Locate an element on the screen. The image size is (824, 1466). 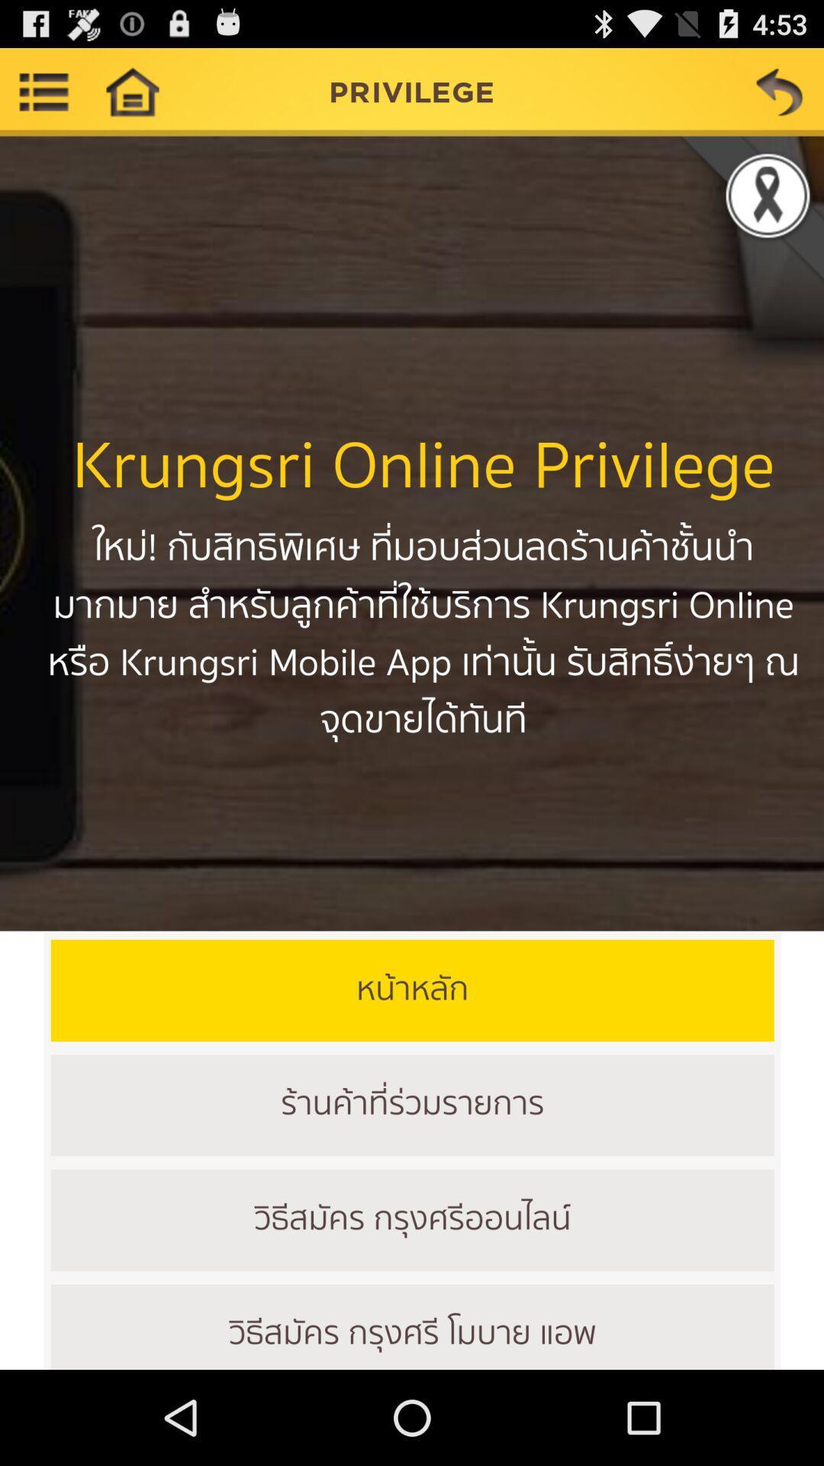
home page is located at coordinates (131, 91).